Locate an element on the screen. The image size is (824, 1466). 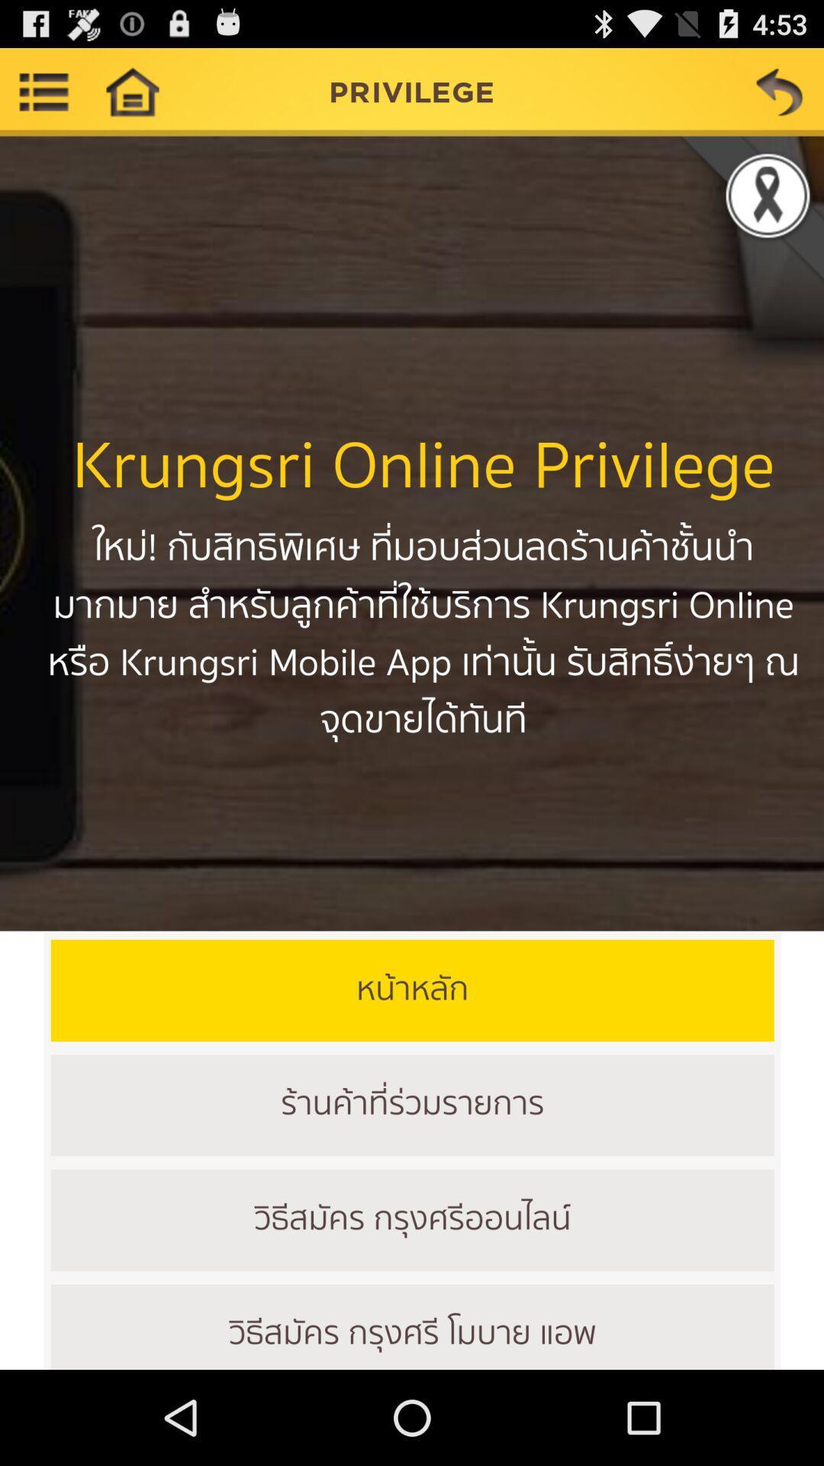
home page is located at coordinates (131, 91).